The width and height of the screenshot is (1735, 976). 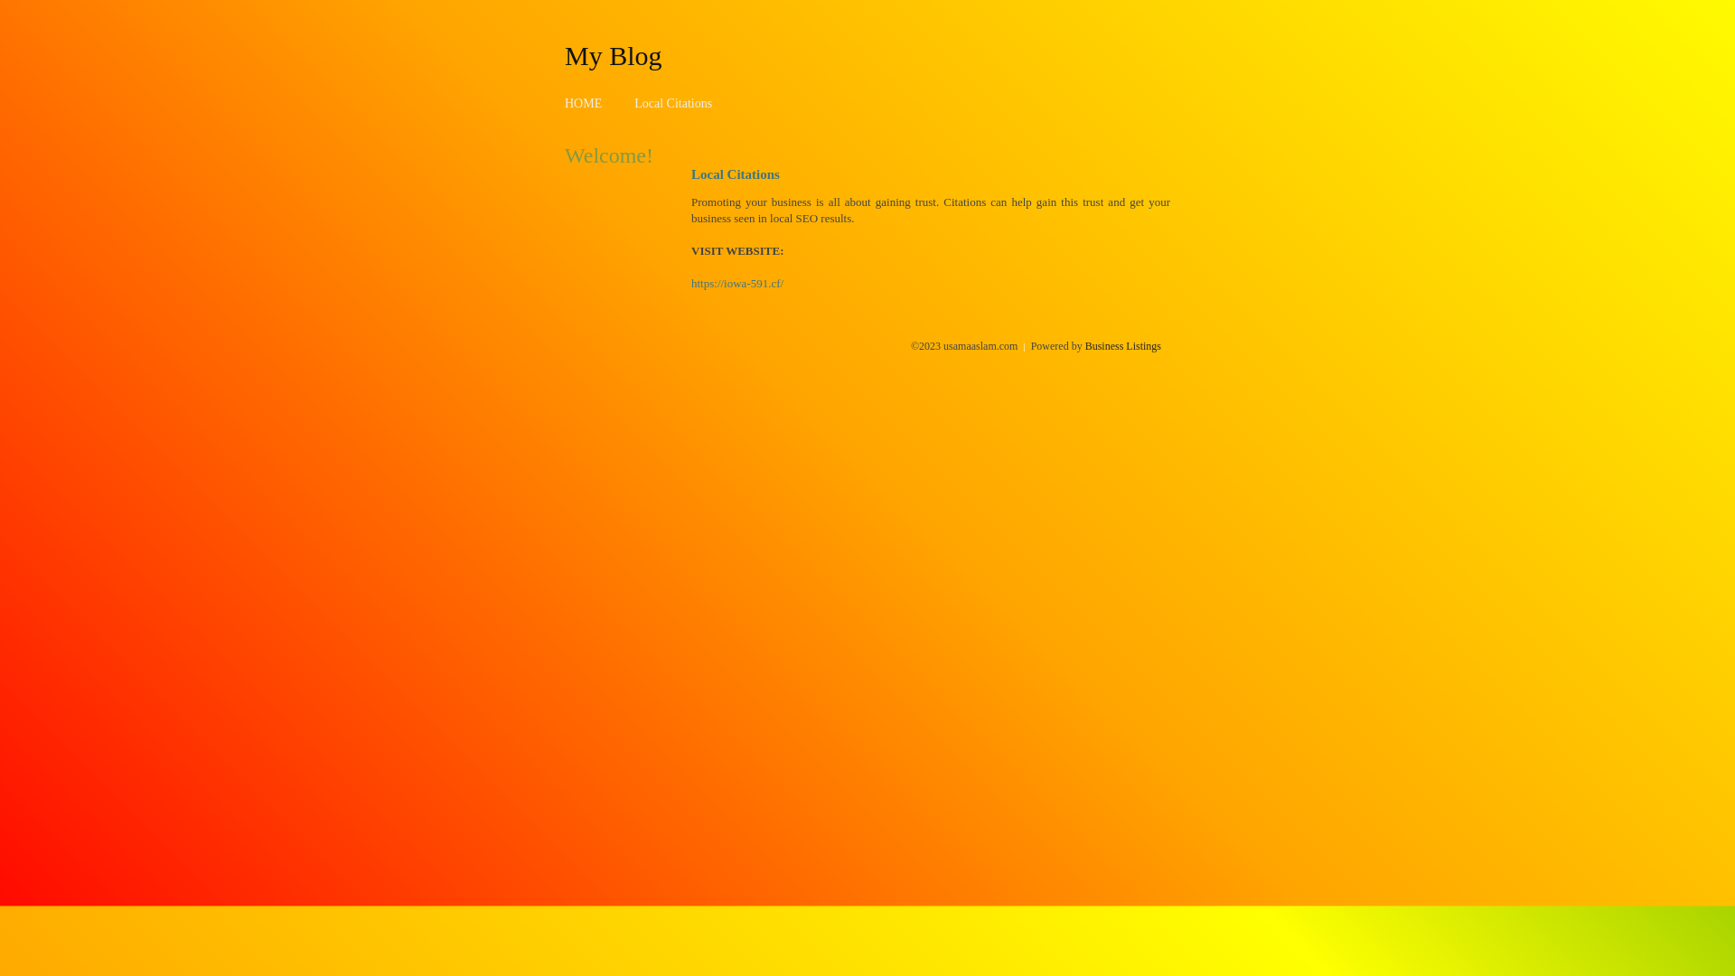 I want to click on 'HOME', so click(x=583, y=103).